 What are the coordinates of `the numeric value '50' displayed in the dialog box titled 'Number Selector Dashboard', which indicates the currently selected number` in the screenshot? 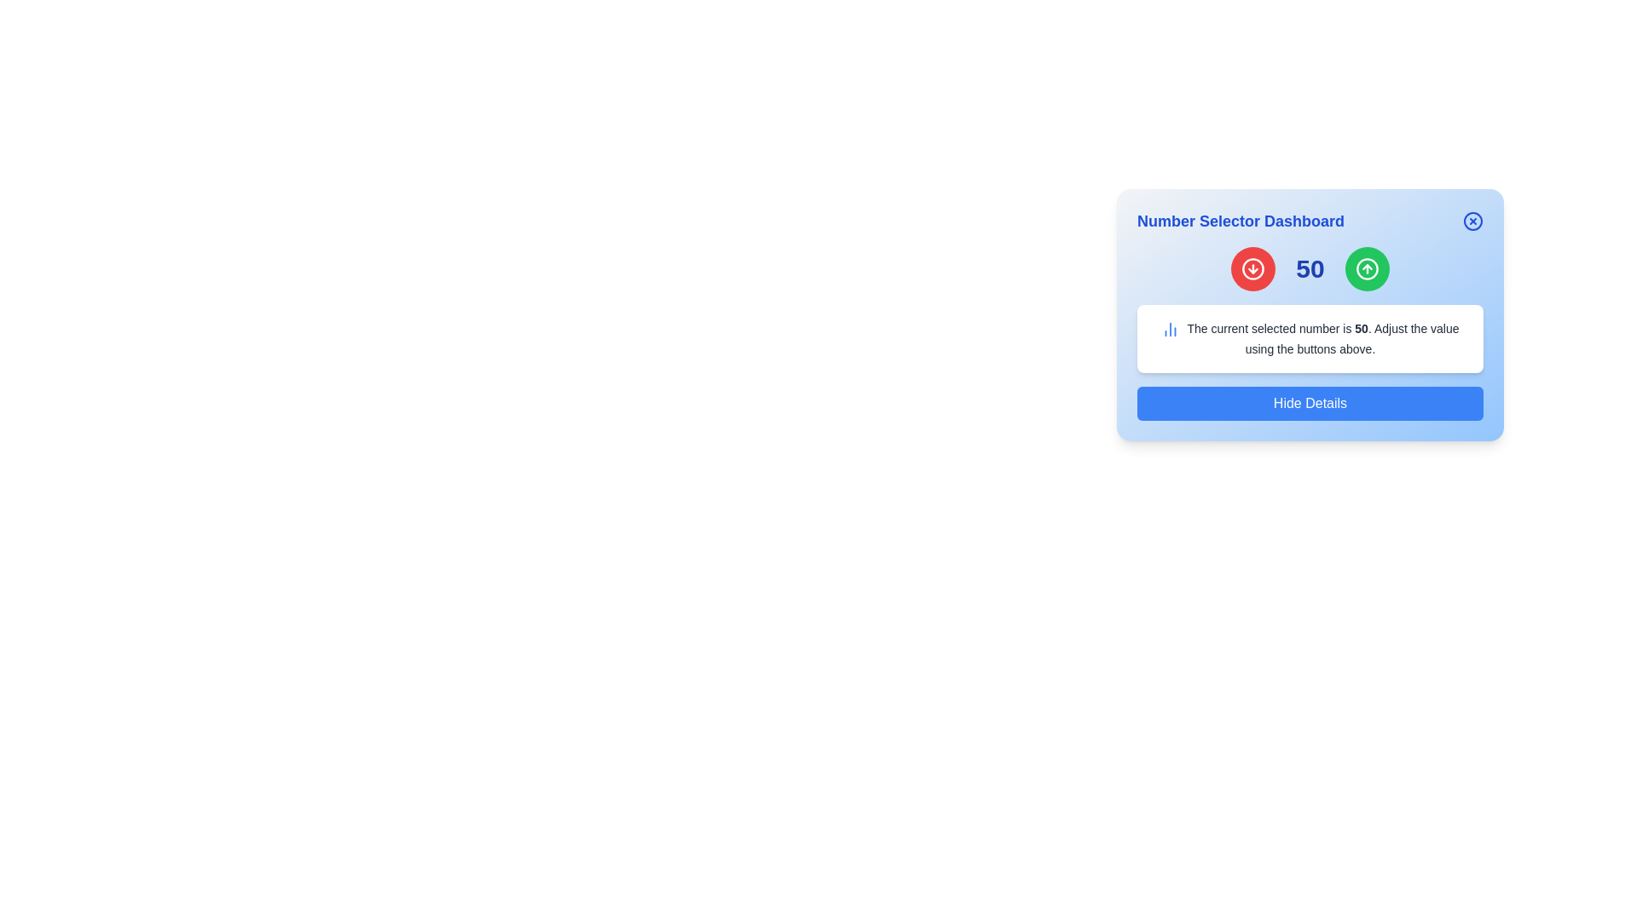 It's located at (1361, 328).